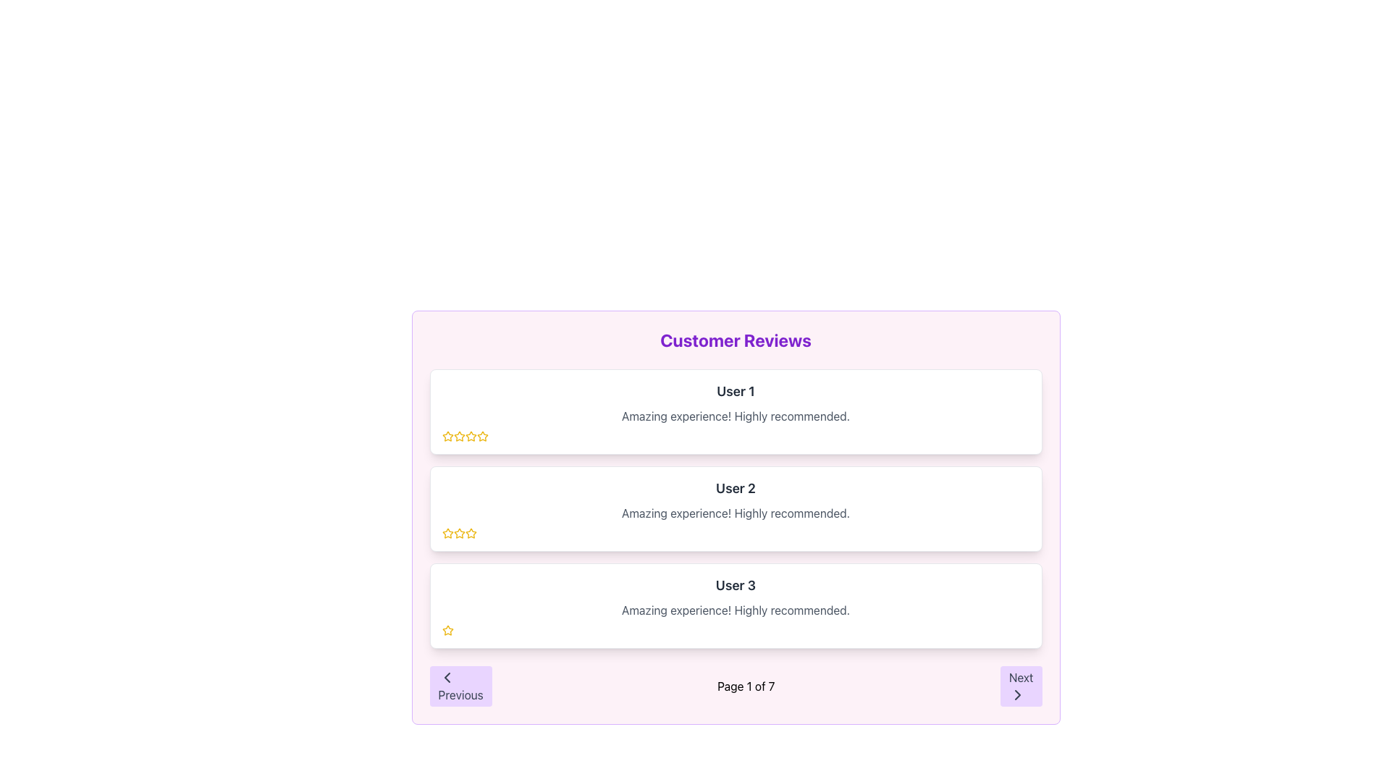  What do you see at coordinates (1020, 686) in the screenshot?
I see `the 'Next' button with light purple background and gray text for accessibility navigation` at bounding box center [1020, 686].